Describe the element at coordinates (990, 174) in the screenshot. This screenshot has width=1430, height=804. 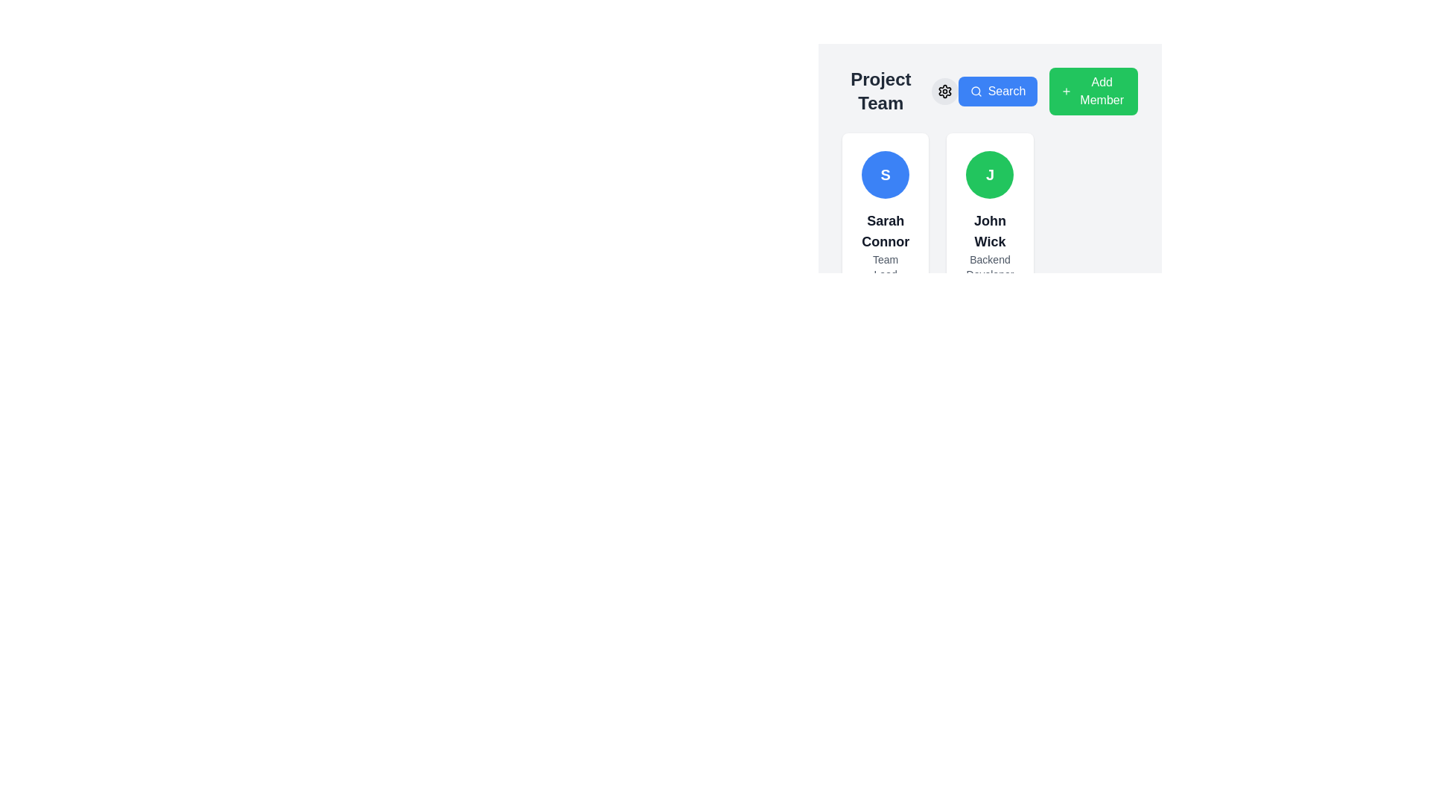
I see `the avatar representing 'John' at the top-center of the card for 'John Wick', which serves as a visual identification for the user` at that location.